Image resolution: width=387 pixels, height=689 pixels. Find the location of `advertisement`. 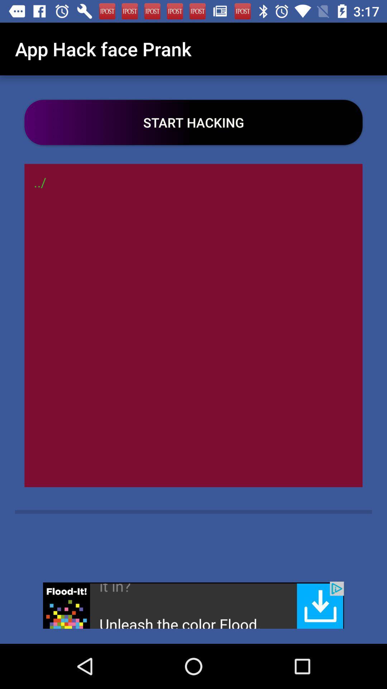

advertisement is located at coordinates (193, 605).